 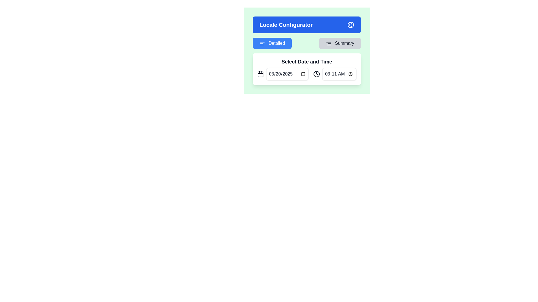 I want to click on the globe icon located in the top-right corner of the blue header bar titled 'Locale Configurator', so click(x=351, y=24).